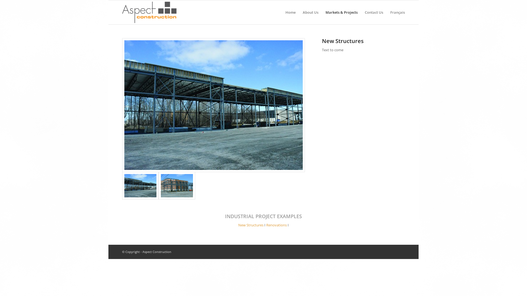 The width and height of the screenshot is (527, 296). I want to click on 'Photo de structure1', so click(124, 105).